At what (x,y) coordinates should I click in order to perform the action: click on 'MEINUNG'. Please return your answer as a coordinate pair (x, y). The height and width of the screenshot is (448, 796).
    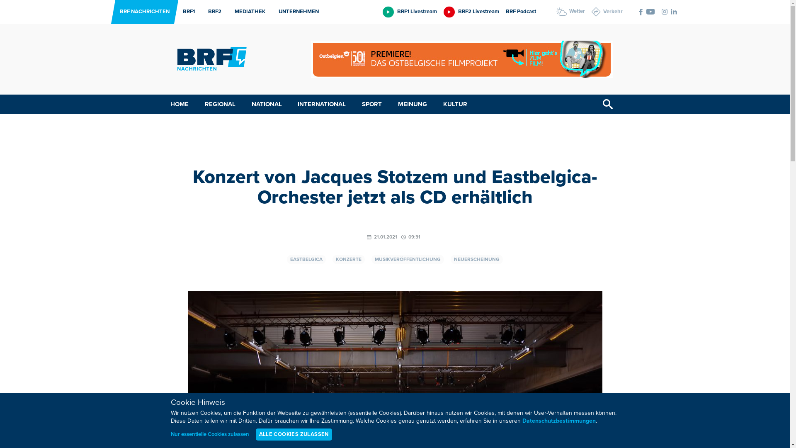
    Looking at the image, I should click on (412, 104).